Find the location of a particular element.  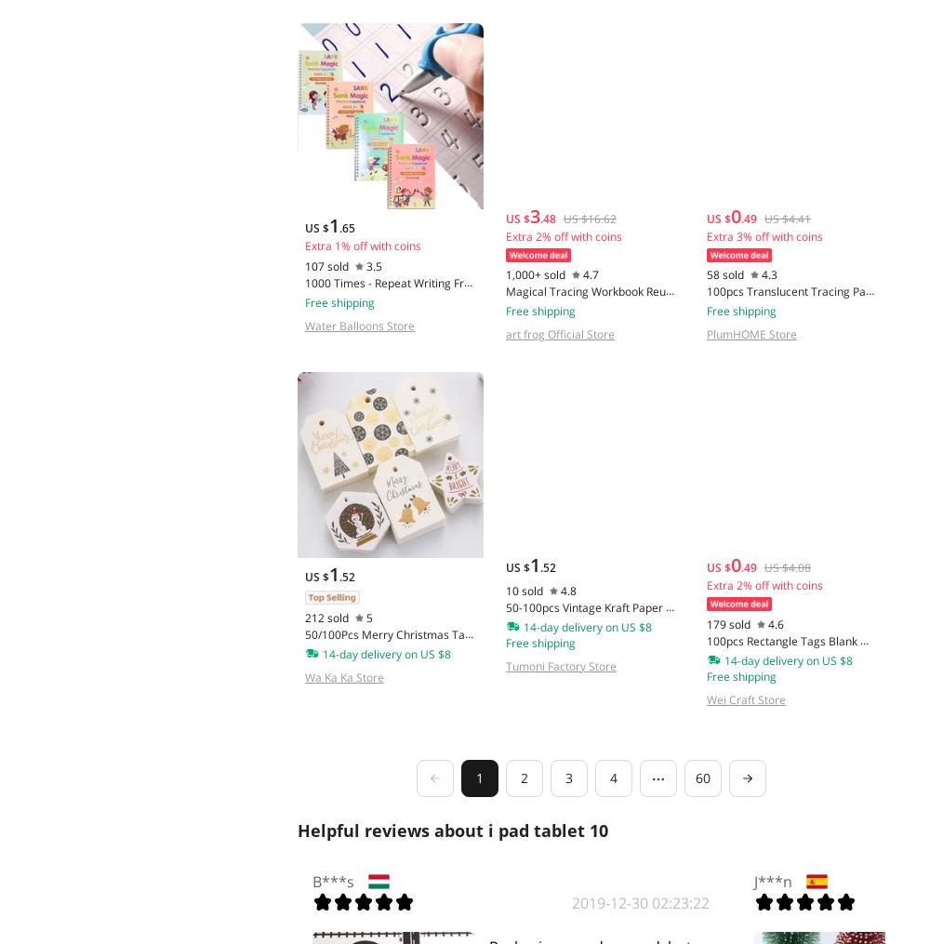

'Wa Ka Ka Store' is located at coordinates (343, 675).